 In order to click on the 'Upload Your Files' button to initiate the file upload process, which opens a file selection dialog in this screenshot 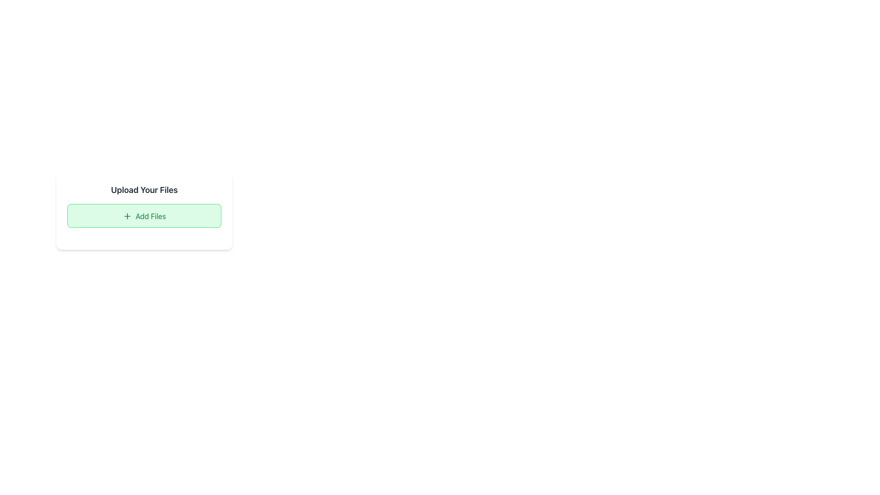, I will do `click(144, 215)`.